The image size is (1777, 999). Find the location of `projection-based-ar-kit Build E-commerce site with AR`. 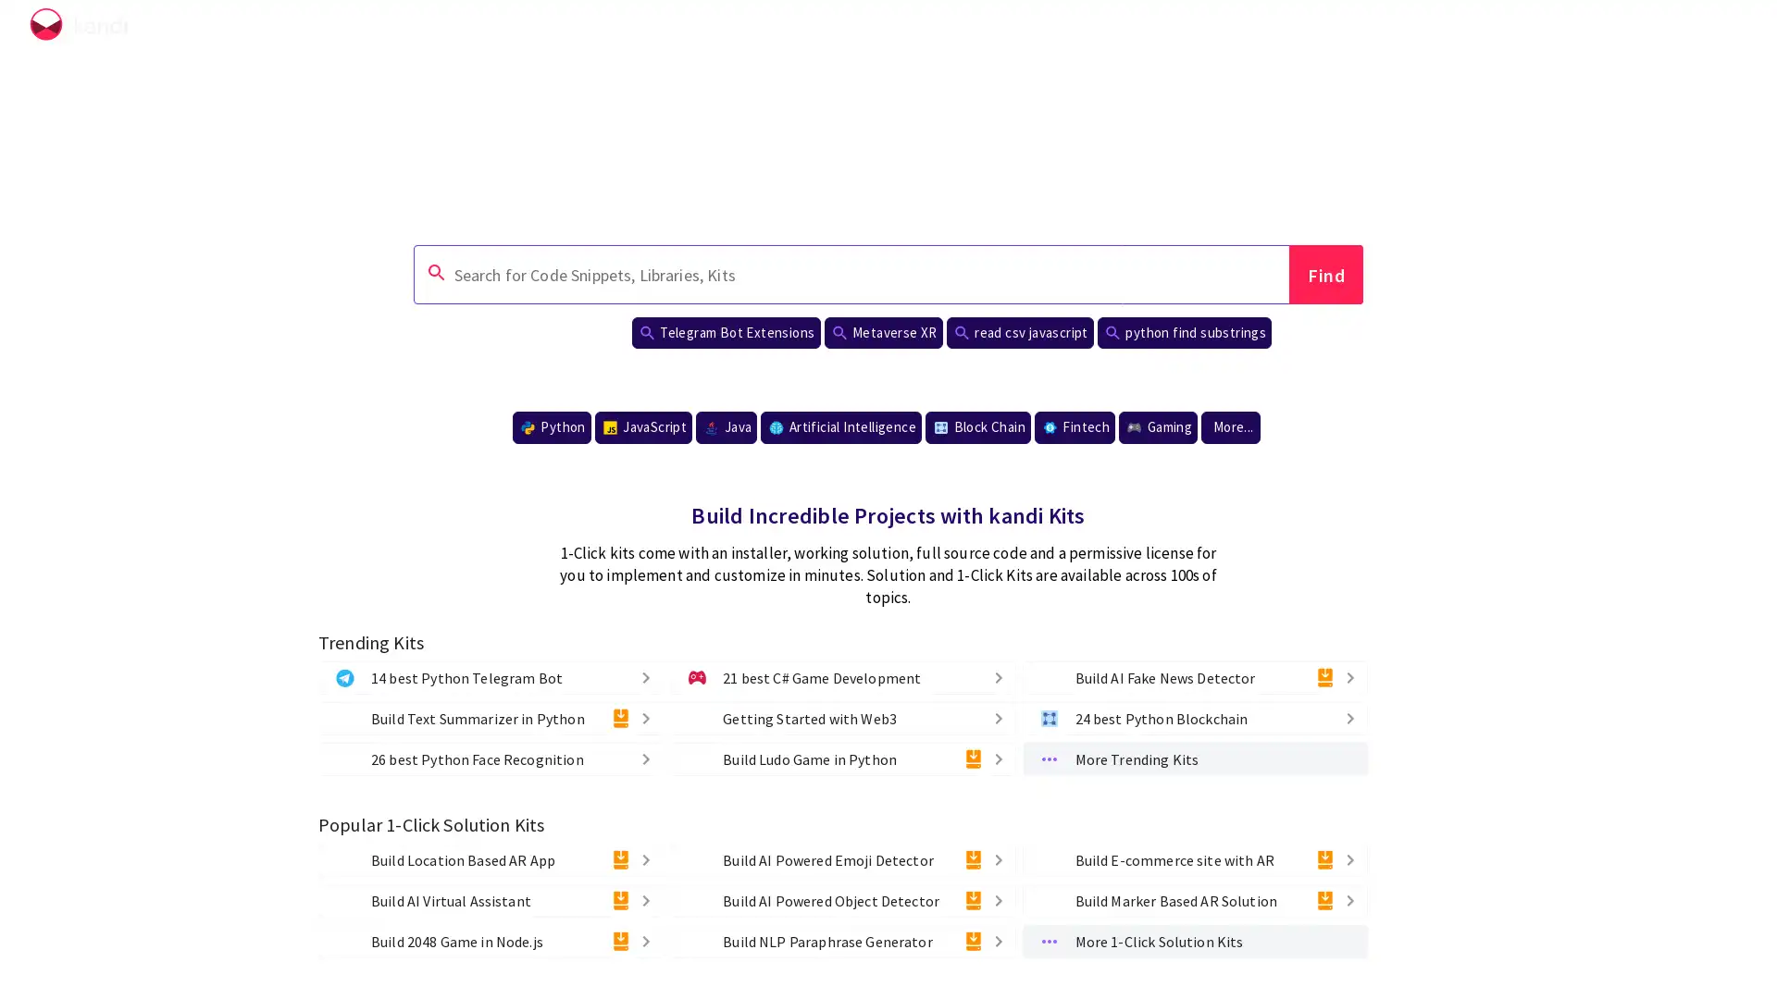

projection-based-ar-kit Build E-commerce site with AR is located at coordinates (1194, 859).